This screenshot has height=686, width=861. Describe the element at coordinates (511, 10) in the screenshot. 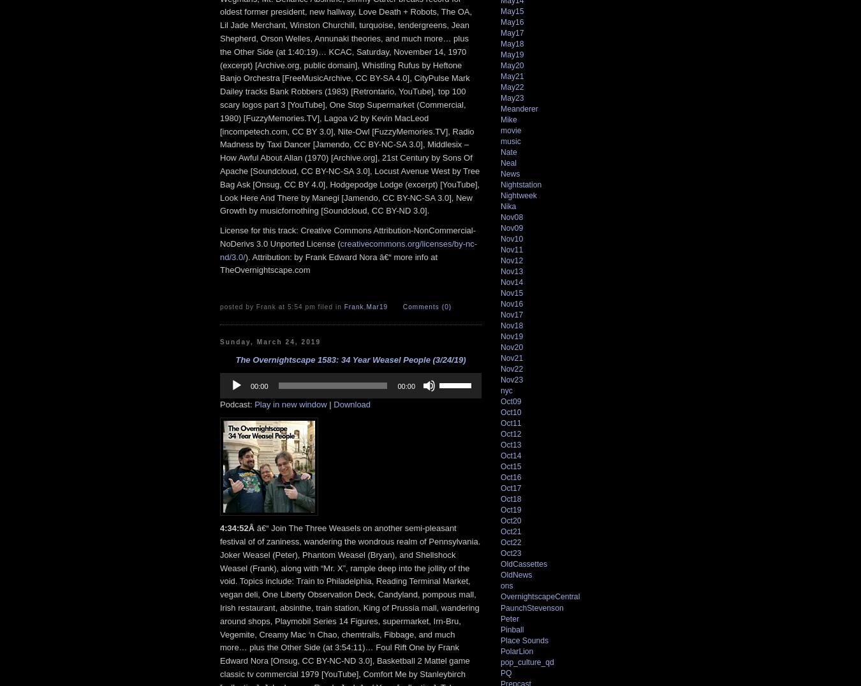

I see `'May15'` at that location.